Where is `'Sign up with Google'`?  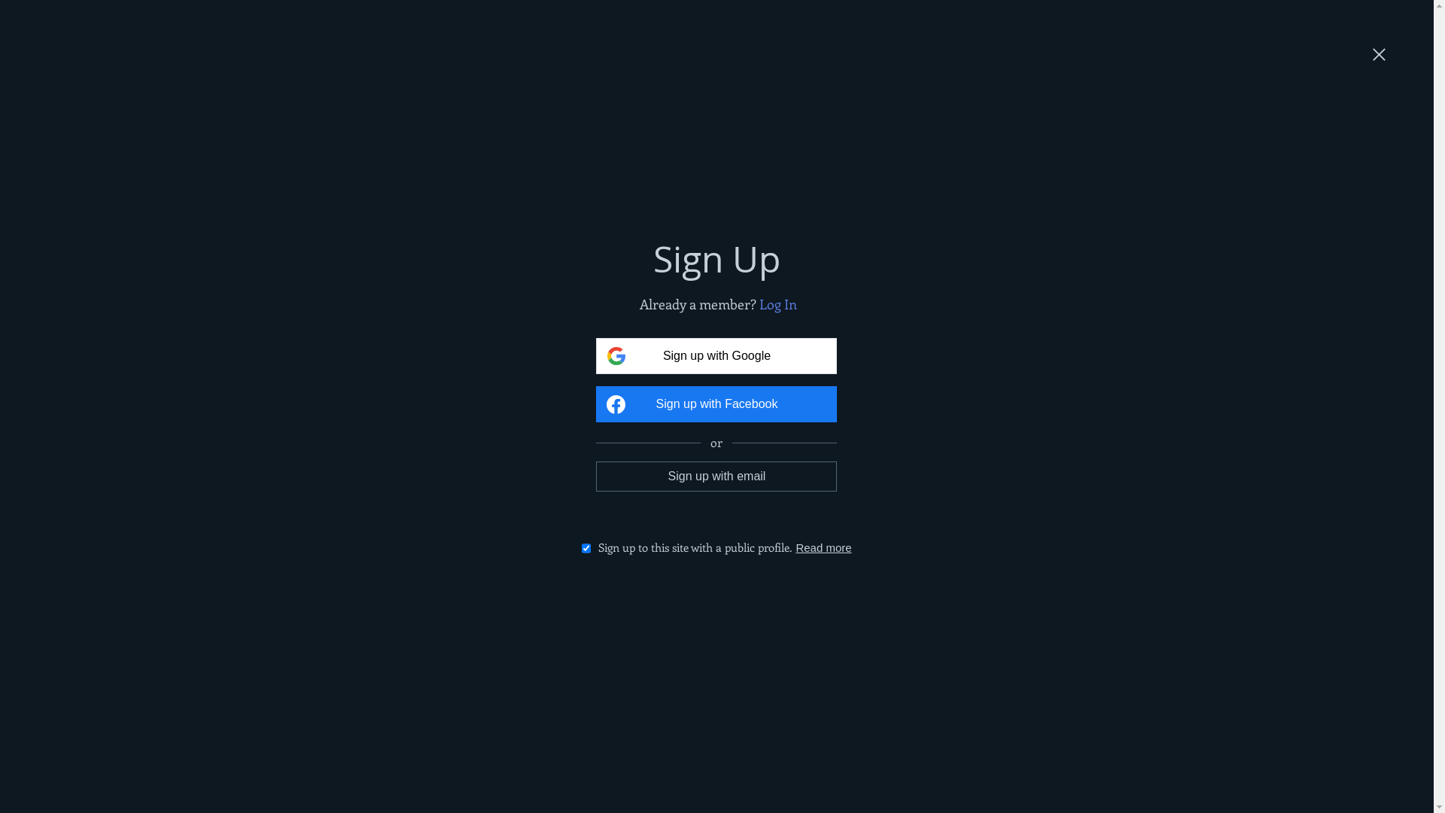 'Sign up with Google' is located at coordinates (715, 356).